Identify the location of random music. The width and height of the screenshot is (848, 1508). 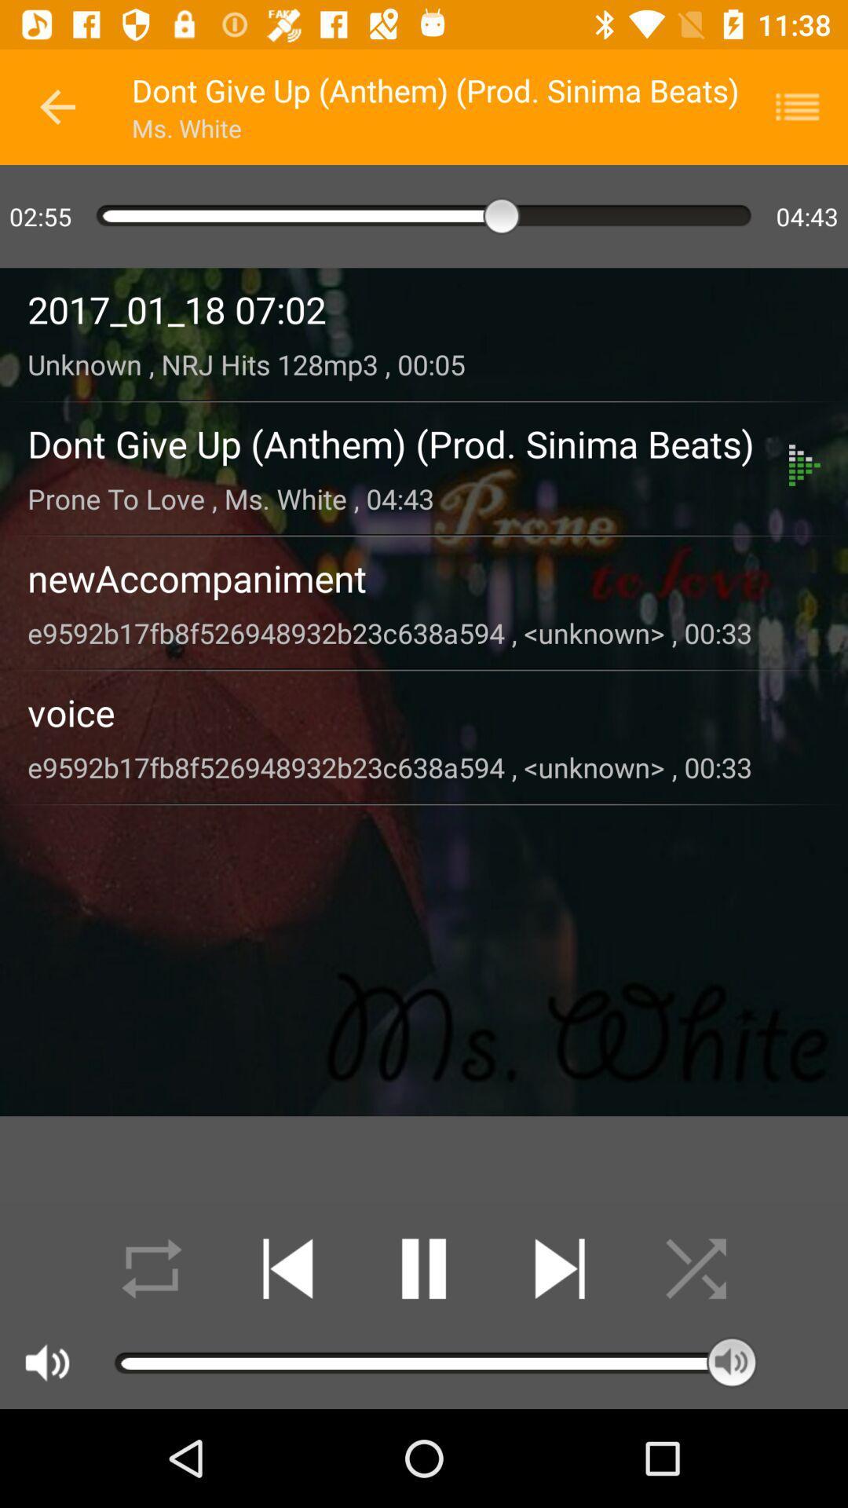
(695, 1268).